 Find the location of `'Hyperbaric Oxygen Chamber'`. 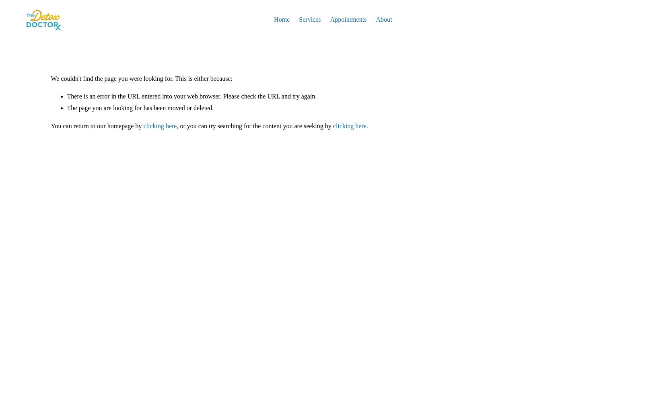

'Hyperbaric Oxygen Chamber' is located at coordinates (337, 53).